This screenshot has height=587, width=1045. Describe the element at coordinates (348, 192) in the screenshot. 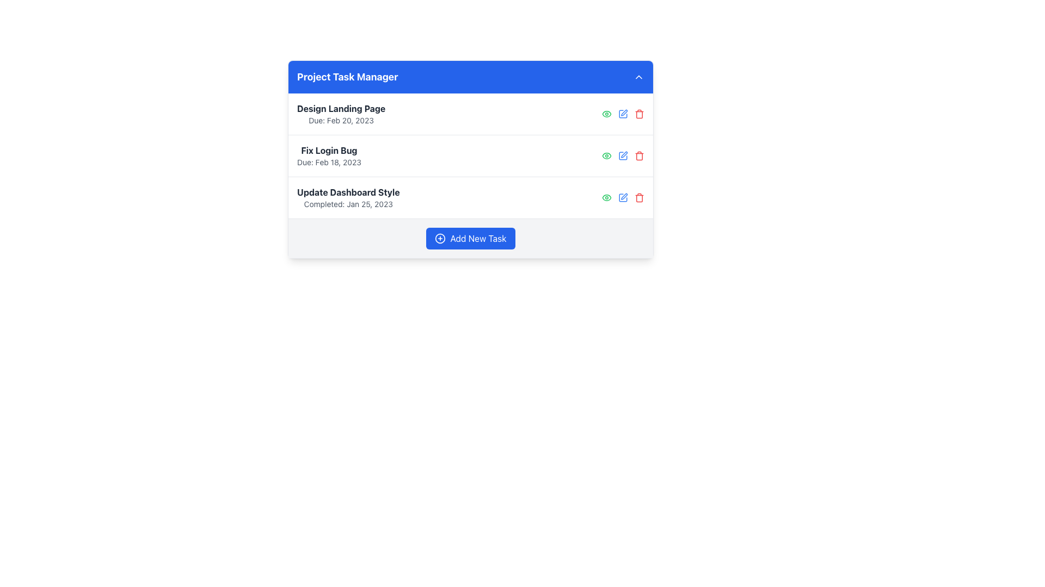

I see `the text label displaying 'Update Dashboard Style' in bold dark gray font, which is located in the third row of the task list under 'Project Task Manager'` at that location.